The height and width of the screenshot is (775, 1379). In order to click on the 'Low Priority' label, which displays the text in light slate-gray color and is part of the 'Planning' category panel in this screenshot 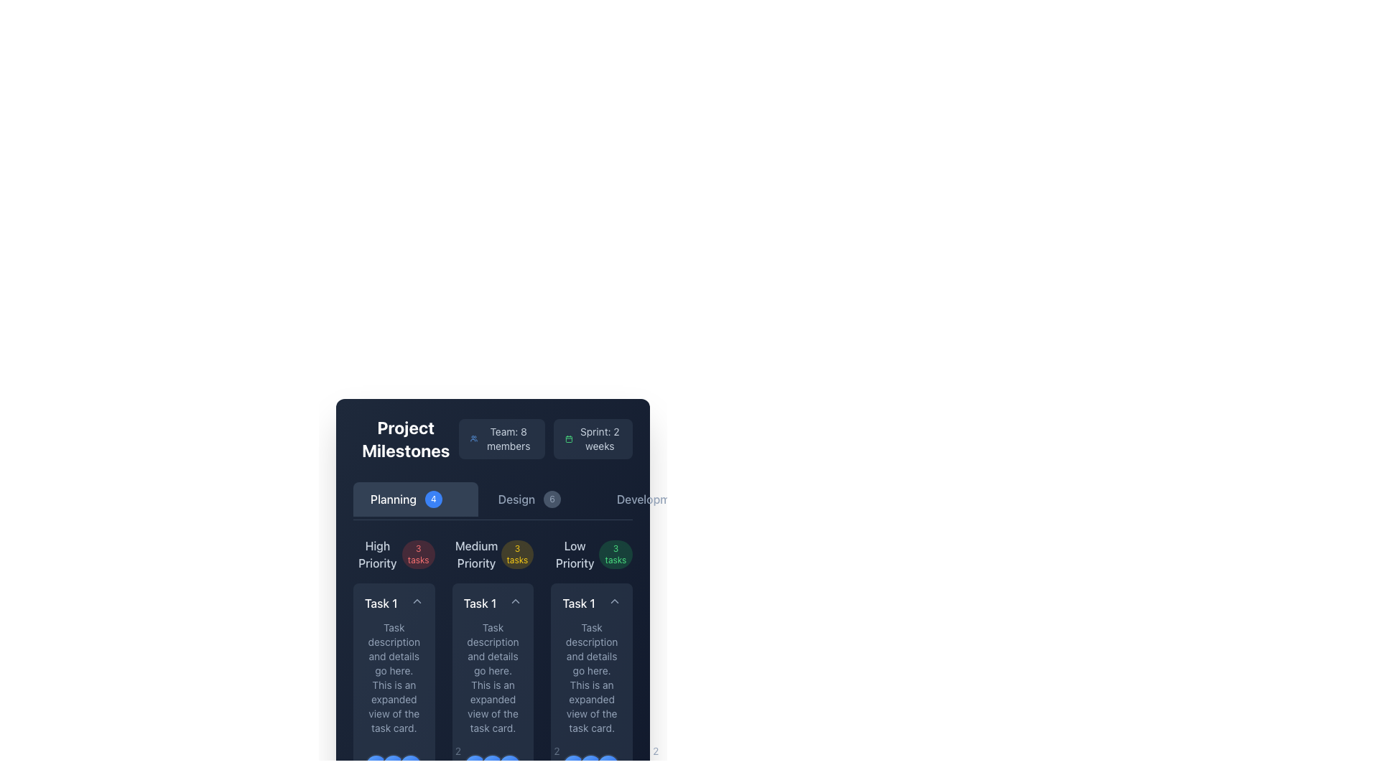, I will do `click(575, 553)`.